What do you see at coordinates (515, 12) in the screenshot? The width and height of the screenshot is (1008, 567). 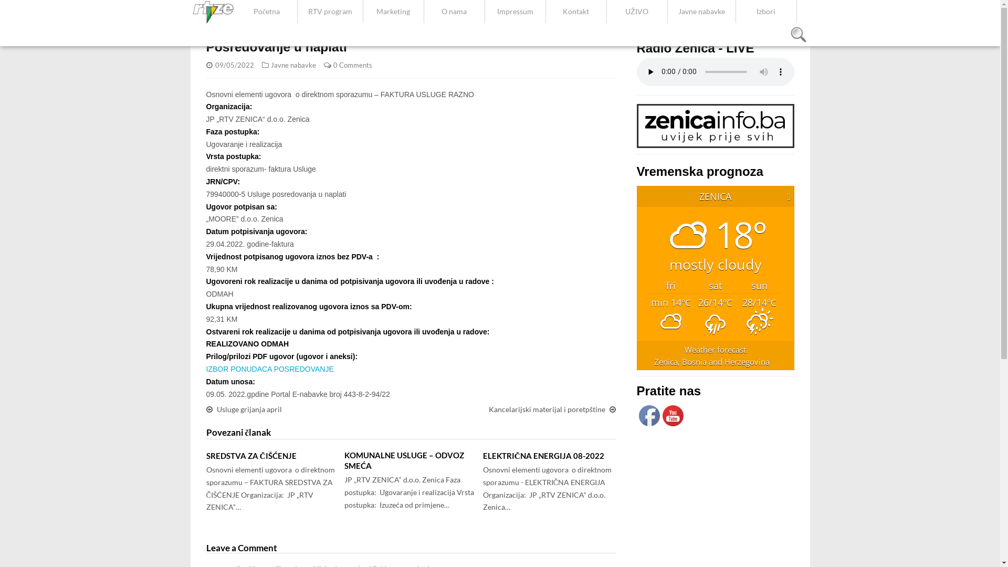 I see `'Impressum'` at bounding box center [515, 12].